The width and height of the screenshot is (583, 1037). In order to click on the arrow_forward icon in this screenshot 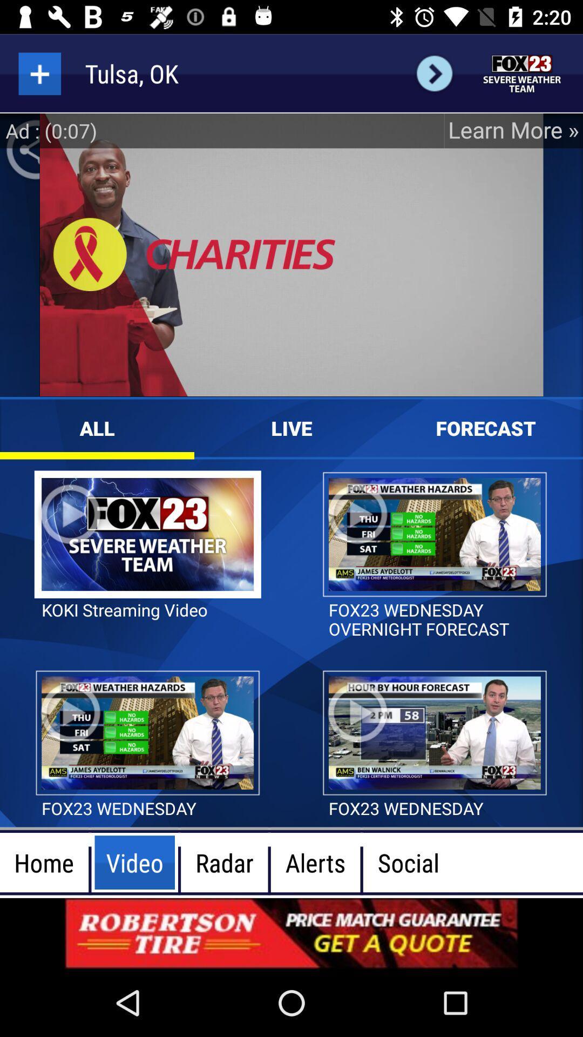, I will do `click(434, 73)`.